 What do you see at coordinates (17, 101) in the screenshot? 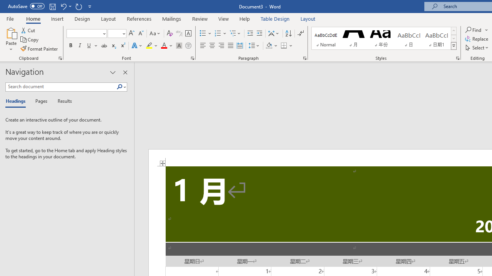
I see `'Headings'` at bounding box center [17, 101].